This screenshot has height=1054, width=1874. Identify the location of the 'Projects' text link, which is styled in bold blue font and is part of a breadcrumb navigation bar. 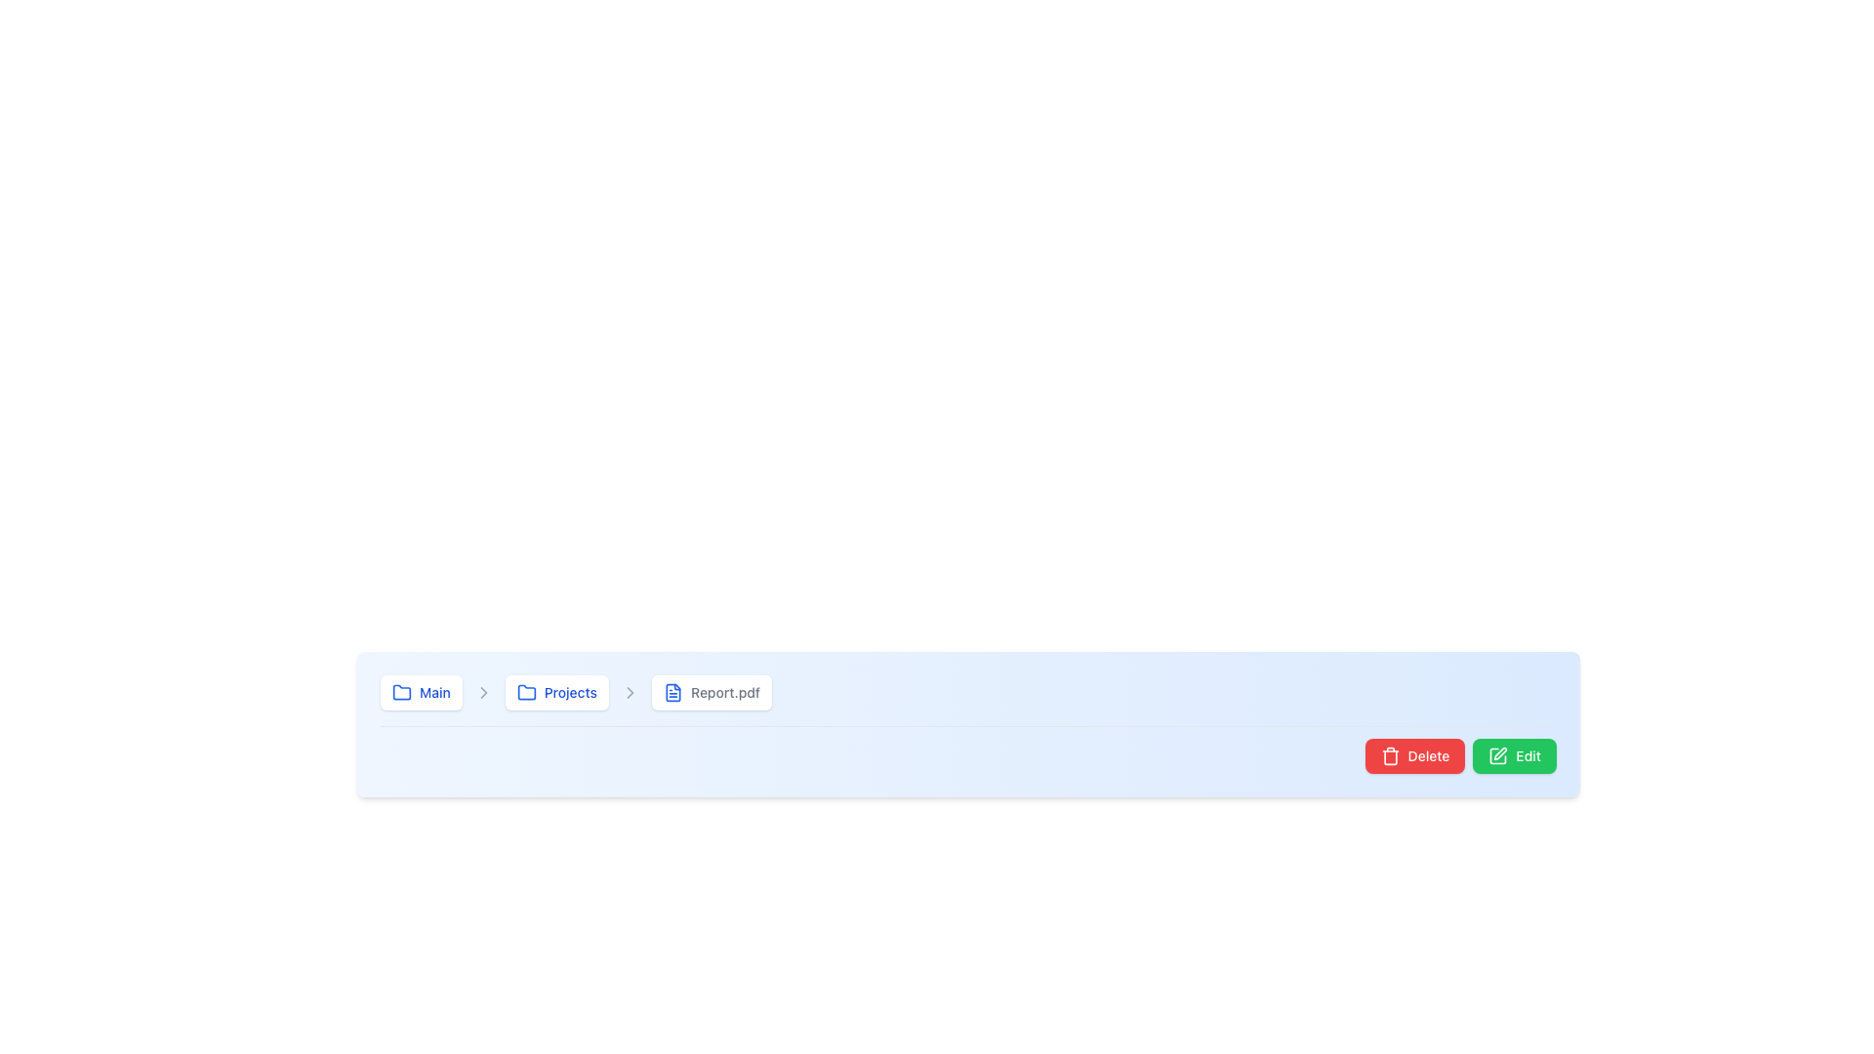
(569, 691).